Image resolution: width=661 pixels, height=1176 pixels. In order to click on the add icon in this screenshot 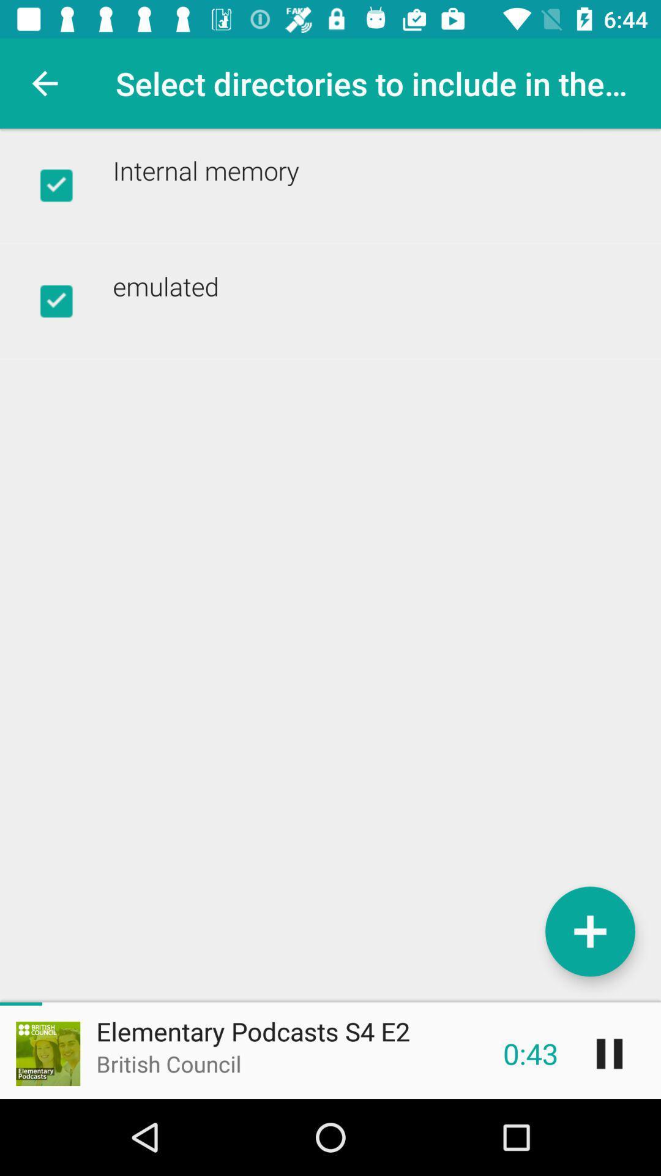, I will do `click(589, 931)`.